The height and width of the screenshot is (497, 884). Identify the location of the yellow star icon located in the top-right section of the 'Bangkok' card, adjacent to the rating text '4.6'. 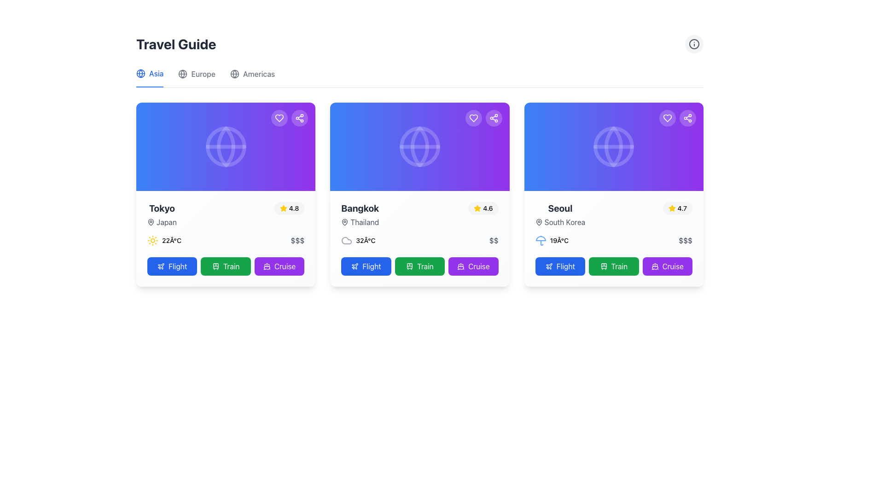
(283, 208).